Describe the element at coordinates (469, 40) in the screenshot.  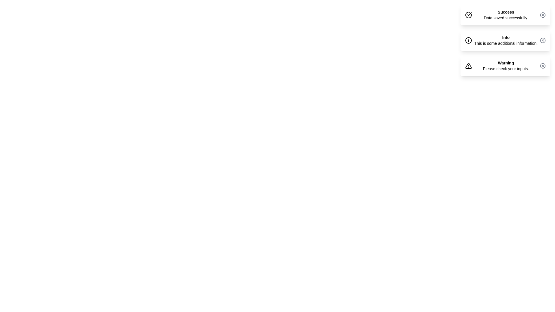
I see `the information icon with a blue outline inside the notification box labeled 'Info', which is located to the left of the text 'This is some additional information.'` at that location.